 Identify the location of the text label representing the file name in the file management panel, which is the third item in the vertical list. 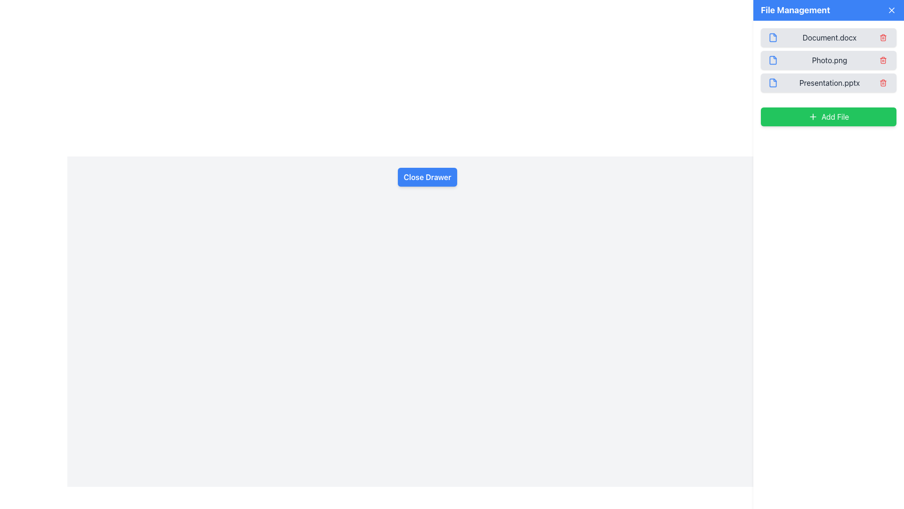
(829, 82).